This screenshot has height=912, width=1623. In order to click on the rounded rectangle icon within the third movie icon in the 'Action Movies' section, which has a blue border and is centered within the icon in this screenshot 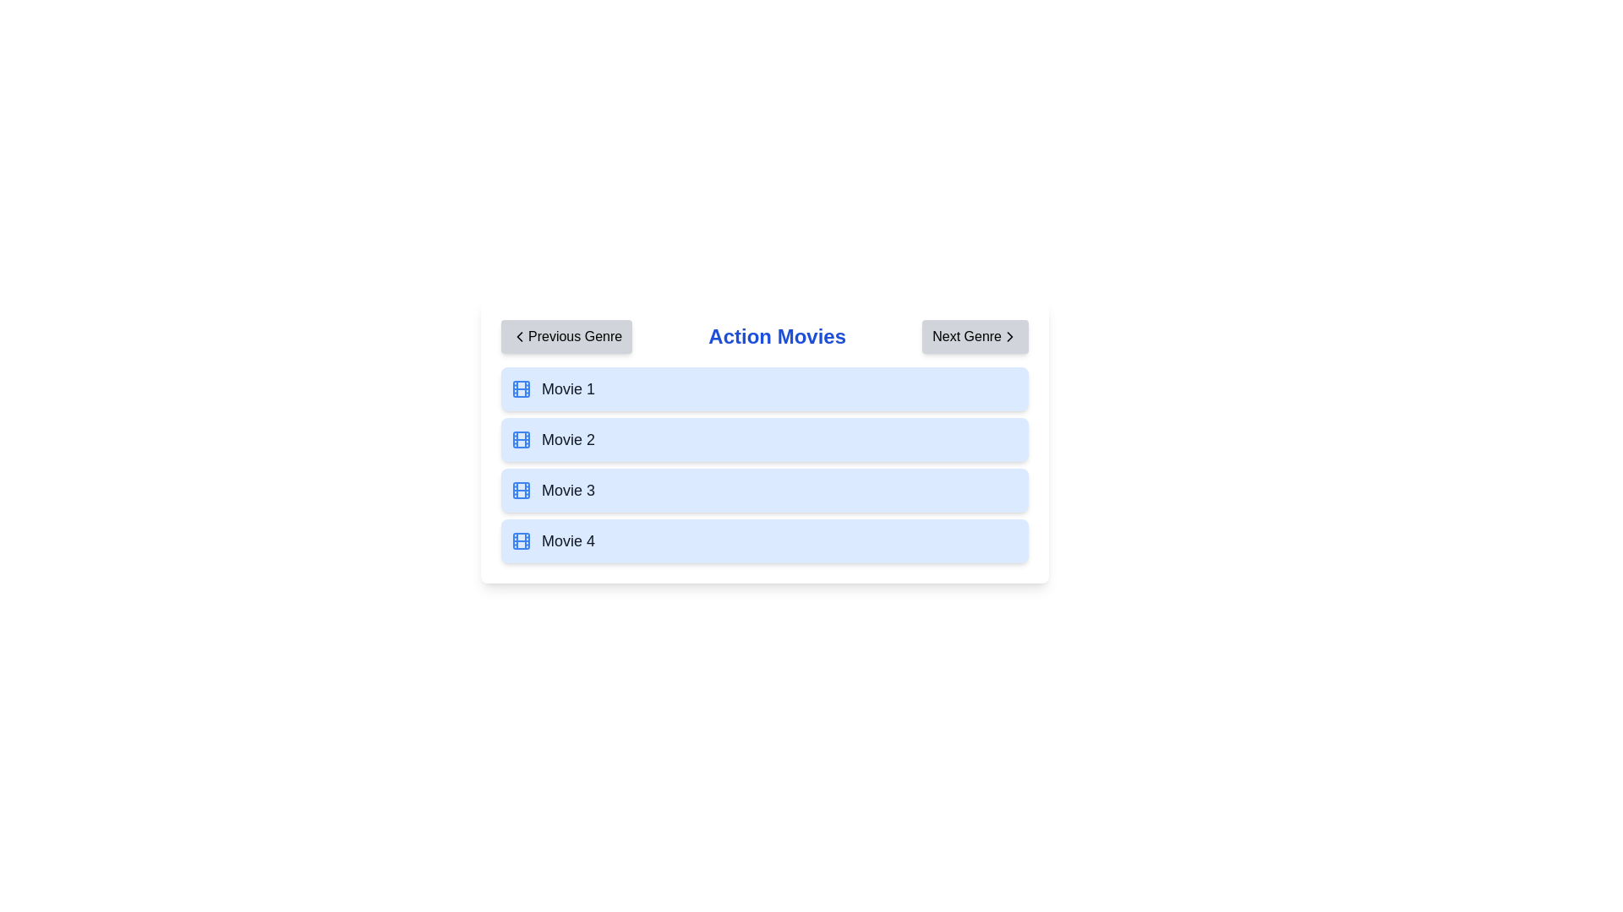, I will do `click(521, 491)`.